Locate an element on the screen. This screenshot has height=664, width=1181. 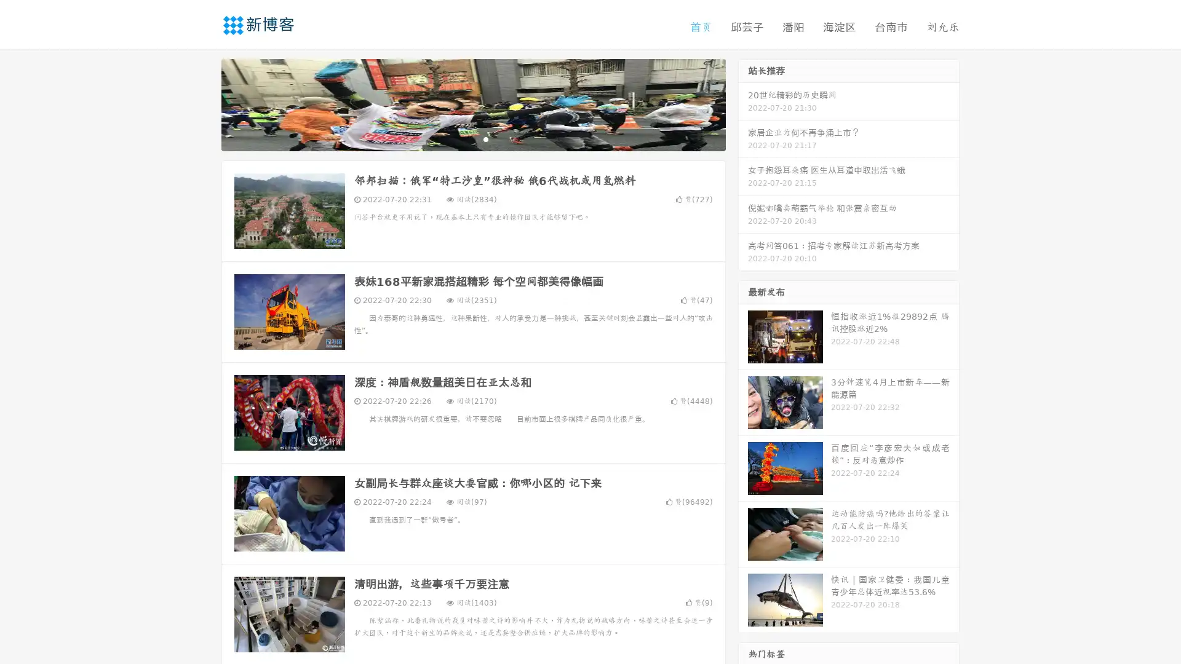
Previous slide is located at coordinates (203, 103).